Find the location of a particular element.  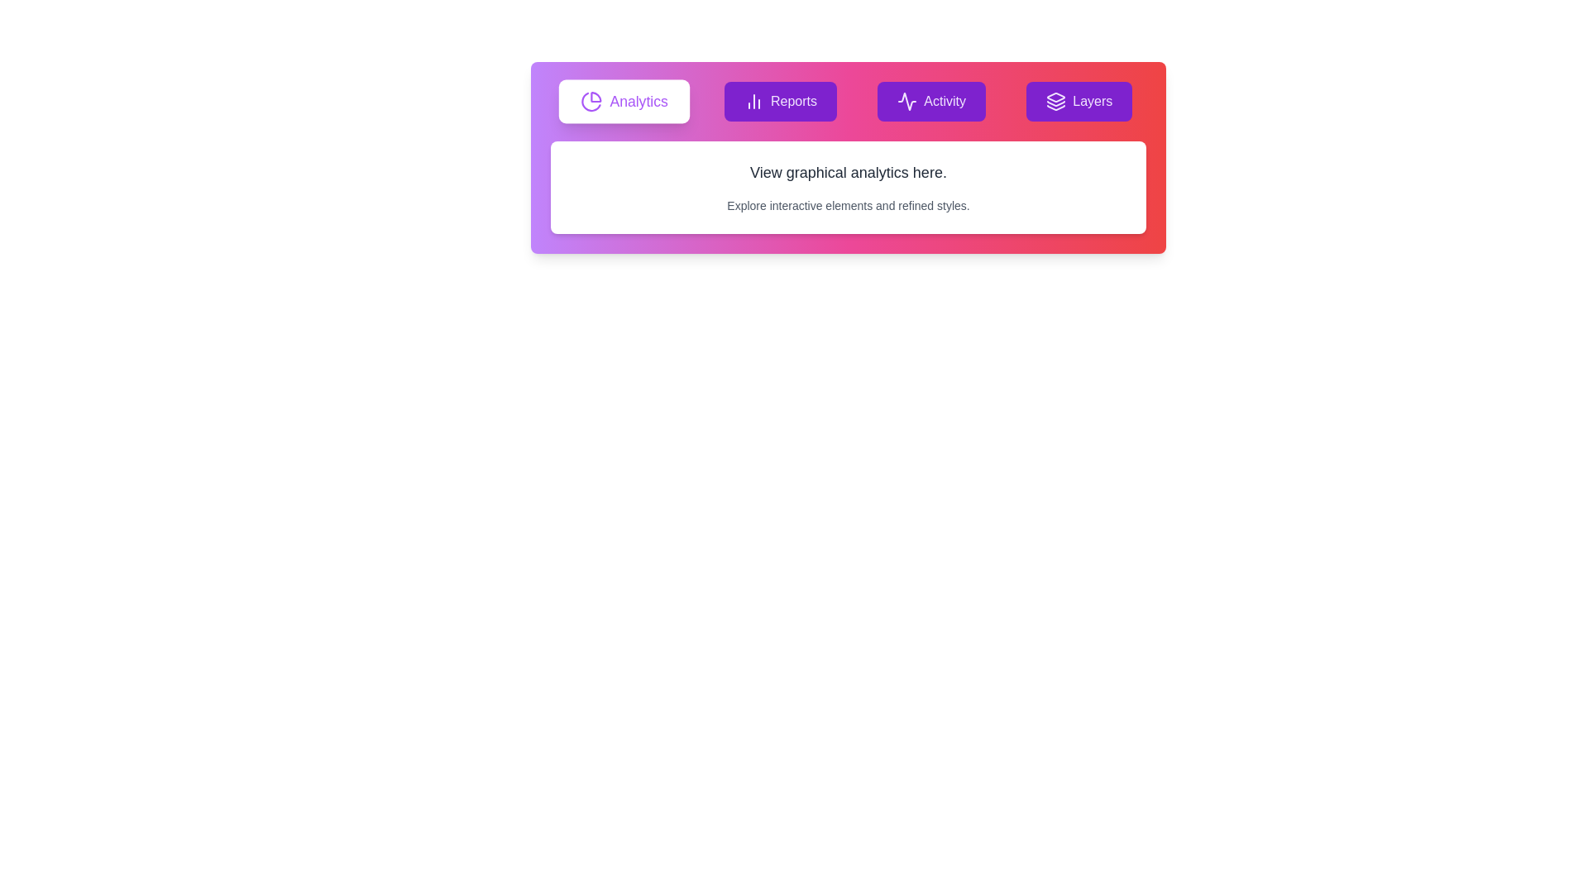

the tab labeled Layers to view its content is located at coordinates (1079, 102).